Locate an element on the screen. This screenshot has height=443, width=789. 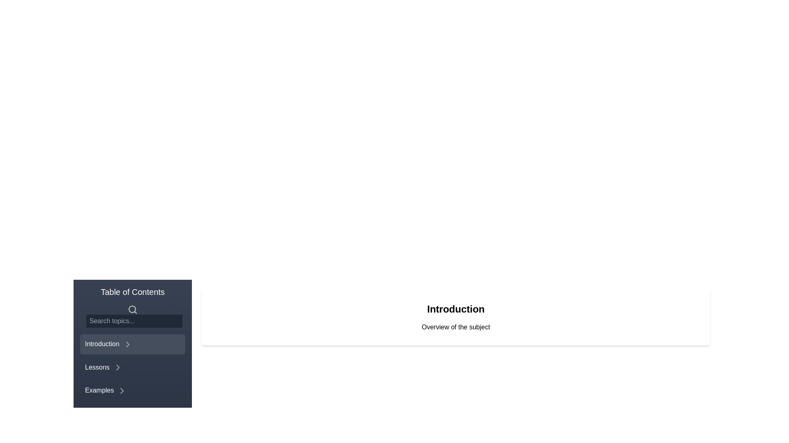
the rightward-pointing chevron icon next to the 'Introduction' menu item is located at coordinates (127, 344).